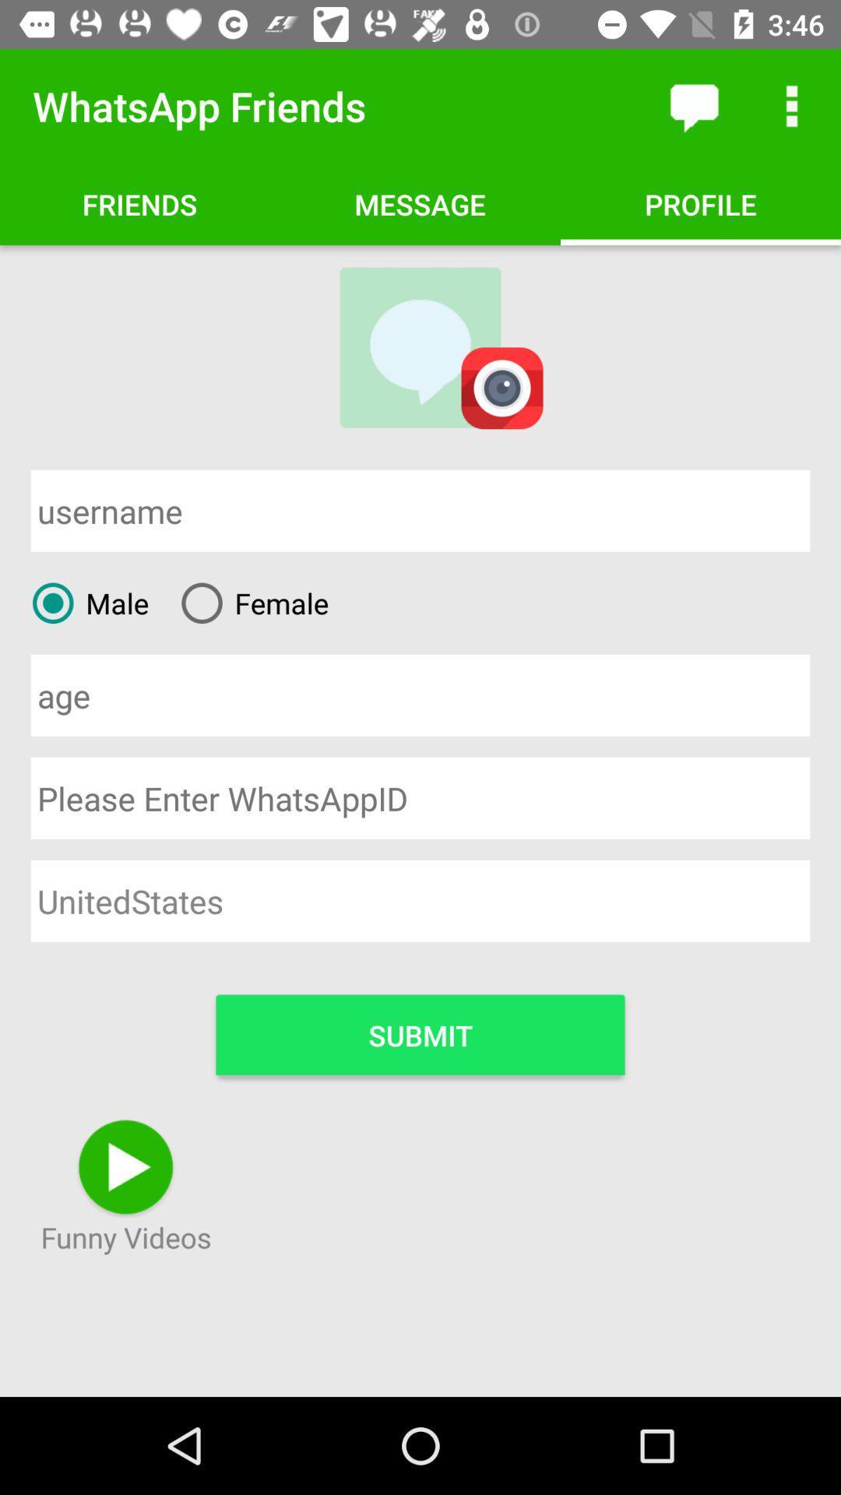 The width and height of the screenshot is (841, 1495). I want to click on whatsapp username, so click(420, 798).